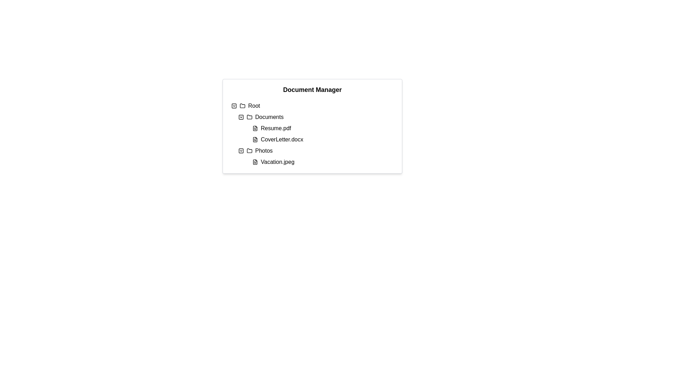  I want to click on the folder icon located to the left of the 'Documents' text label in the Document Manager hierarchy, so click(249, 116).